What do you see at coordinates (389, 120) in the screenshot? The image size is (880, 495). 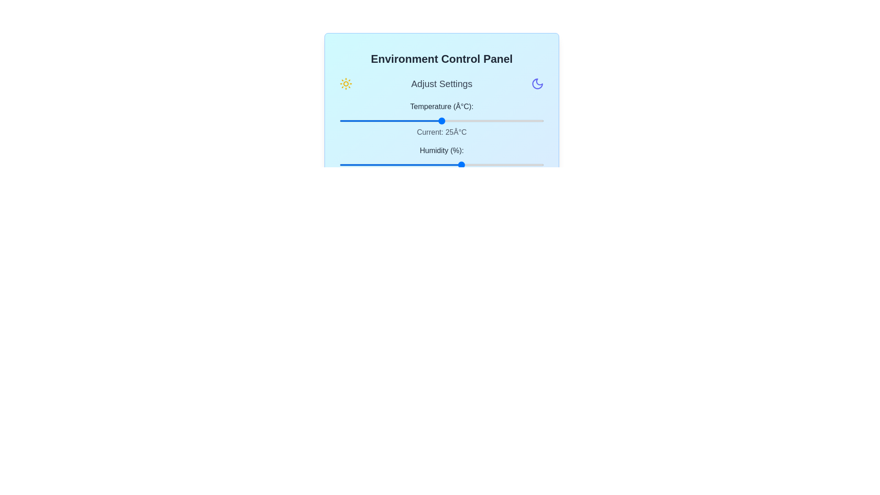 I see `the temperature slider to set the temperature to 12°C` at bounding box center [389, 120].